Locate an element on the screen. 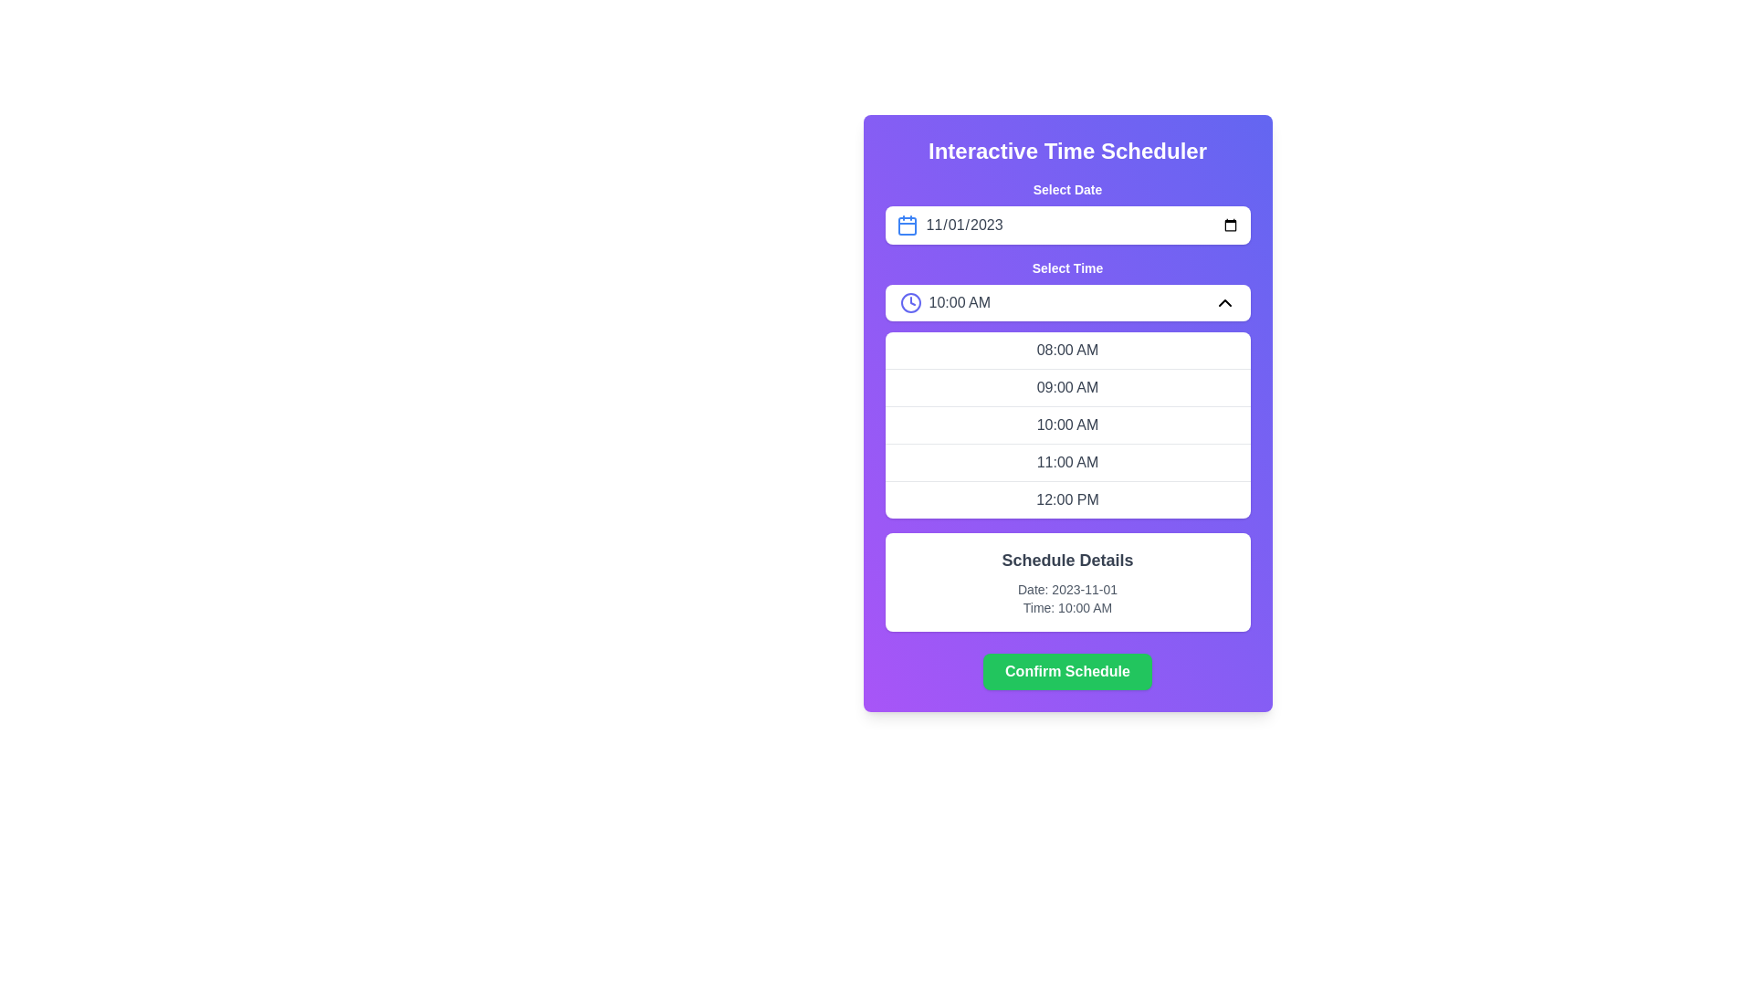 This screenshot has height=986, width=1753. the Text Display that shows the chosen date in the schedule details section, located below the 'Schedule Details' heading and above the time '10:00 AM' is located at coordinates (1067, 589).